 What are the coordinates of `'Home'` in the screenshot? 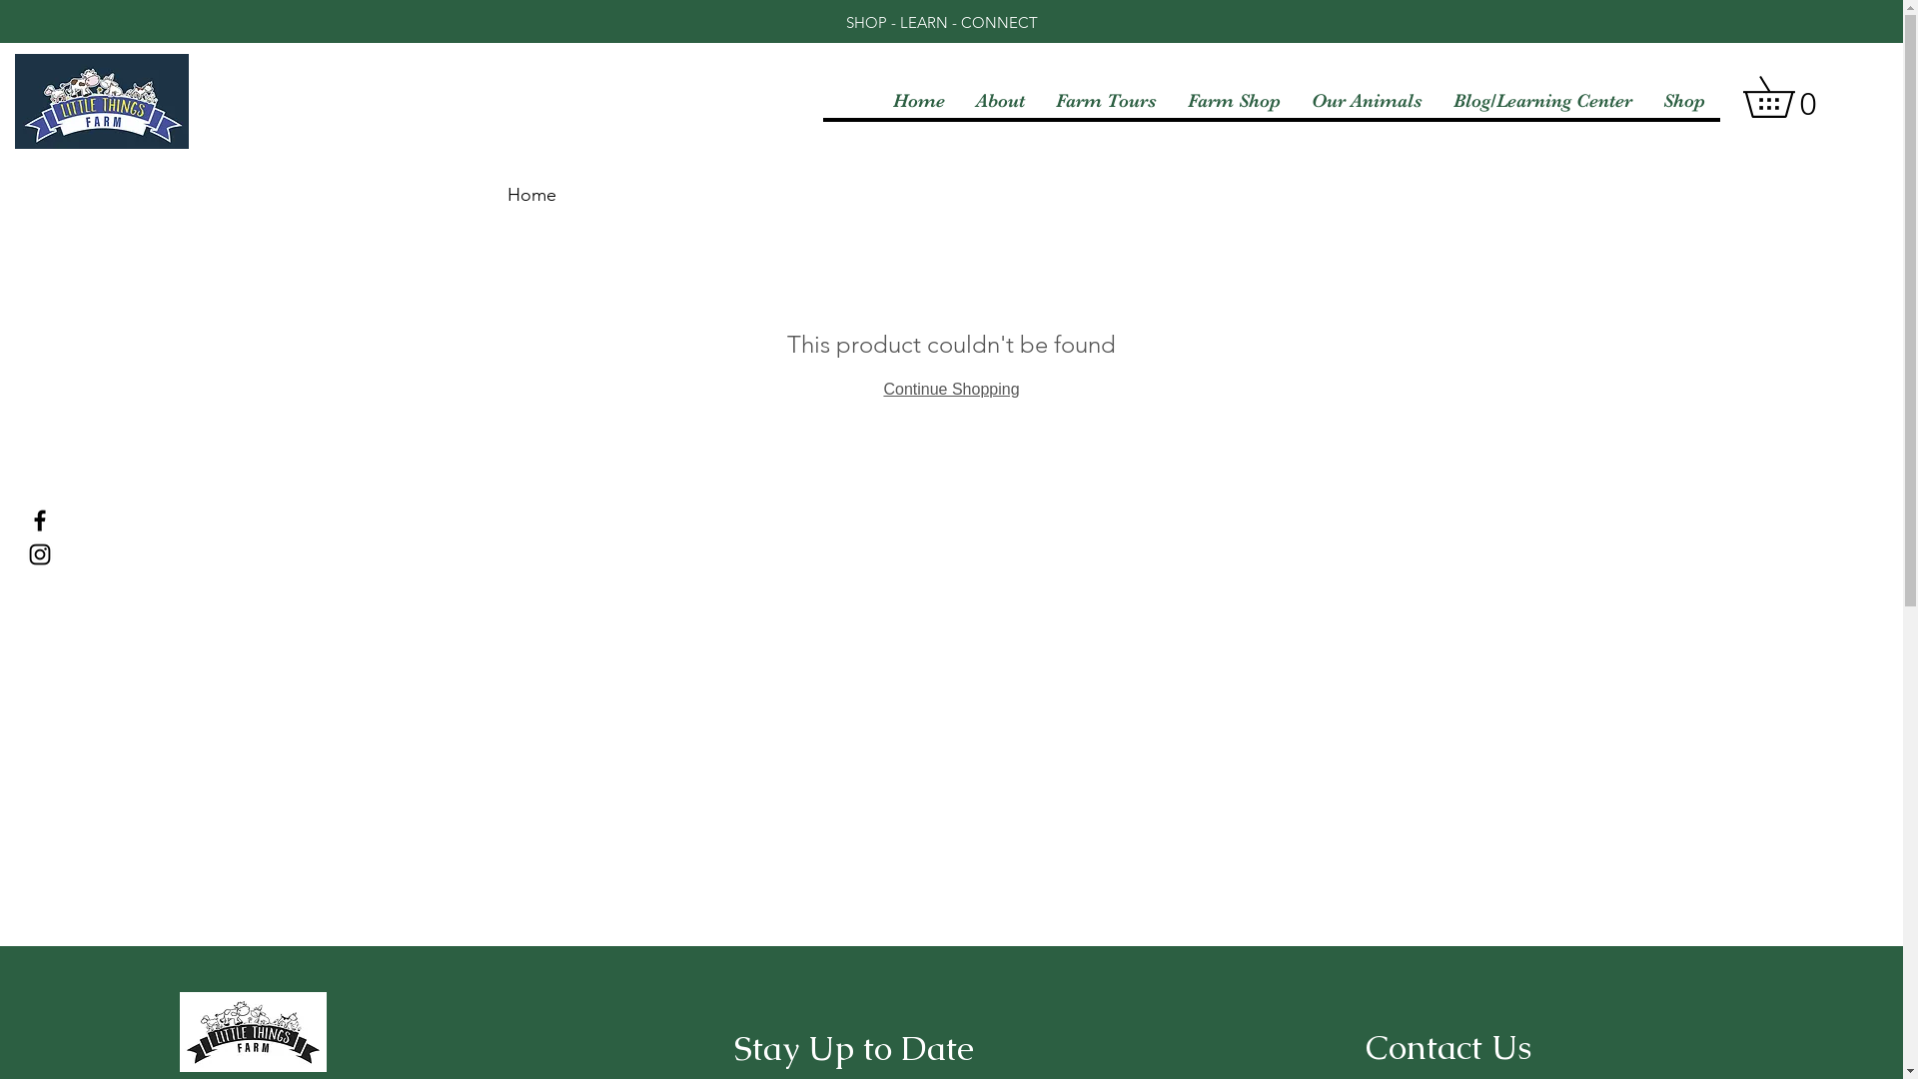 It's located at (531, 195).